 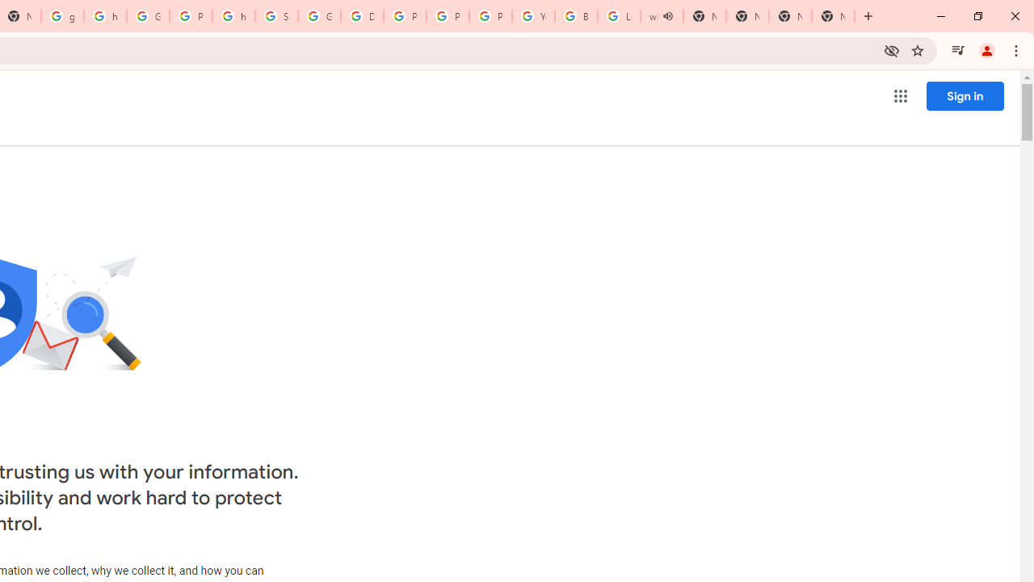 I want to click on 'YouTube', so click(x=533, y=16).